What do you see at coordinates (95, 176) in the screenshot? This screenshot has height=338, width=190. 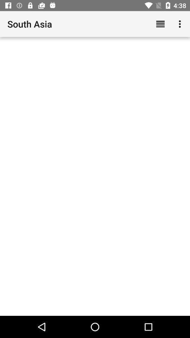 I see `icon at the center` at bounding box center [95, 176].